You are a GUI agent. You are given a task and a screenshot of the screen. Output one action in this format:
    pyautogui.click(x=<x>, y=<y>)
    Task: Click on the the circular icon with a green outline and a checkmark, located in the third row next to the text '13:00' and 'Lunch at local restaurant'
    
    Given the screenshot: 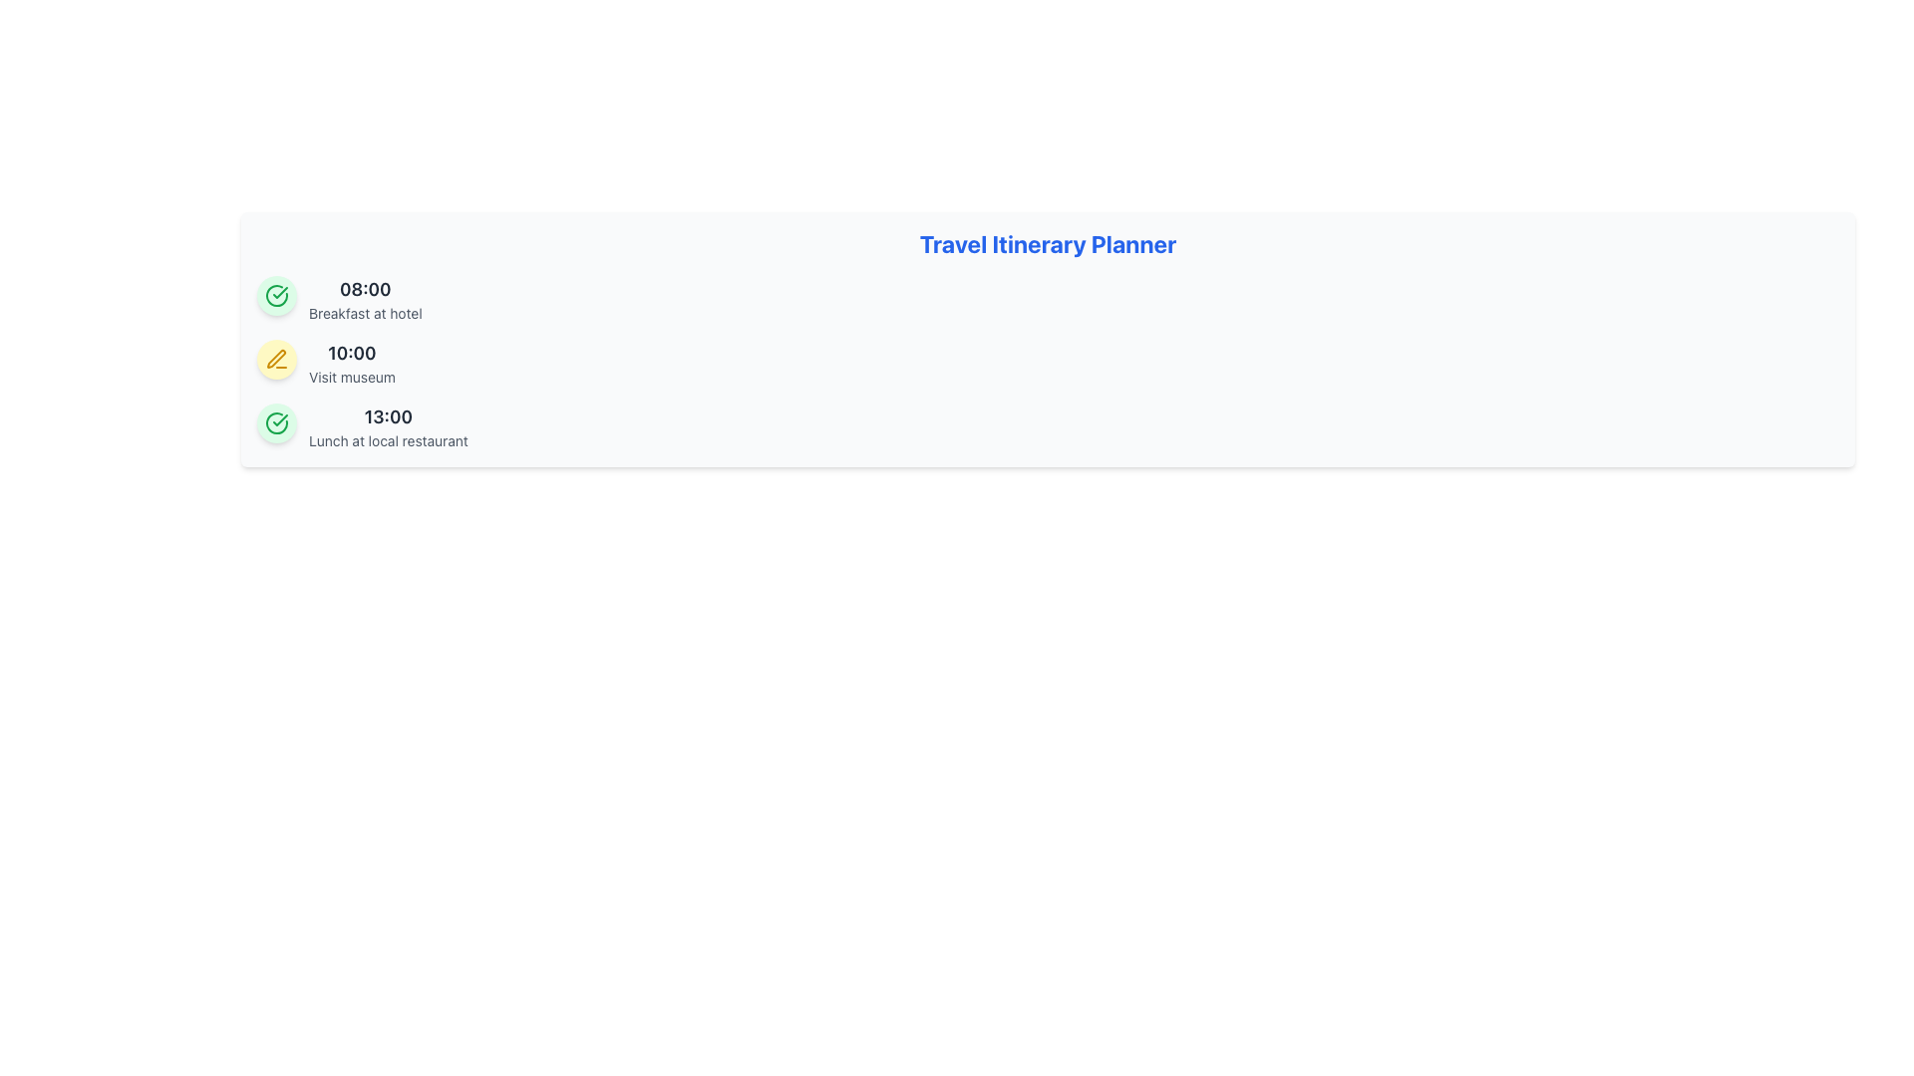 What is the action you would take?
    pyautogui.click(x=276, y=296)
    